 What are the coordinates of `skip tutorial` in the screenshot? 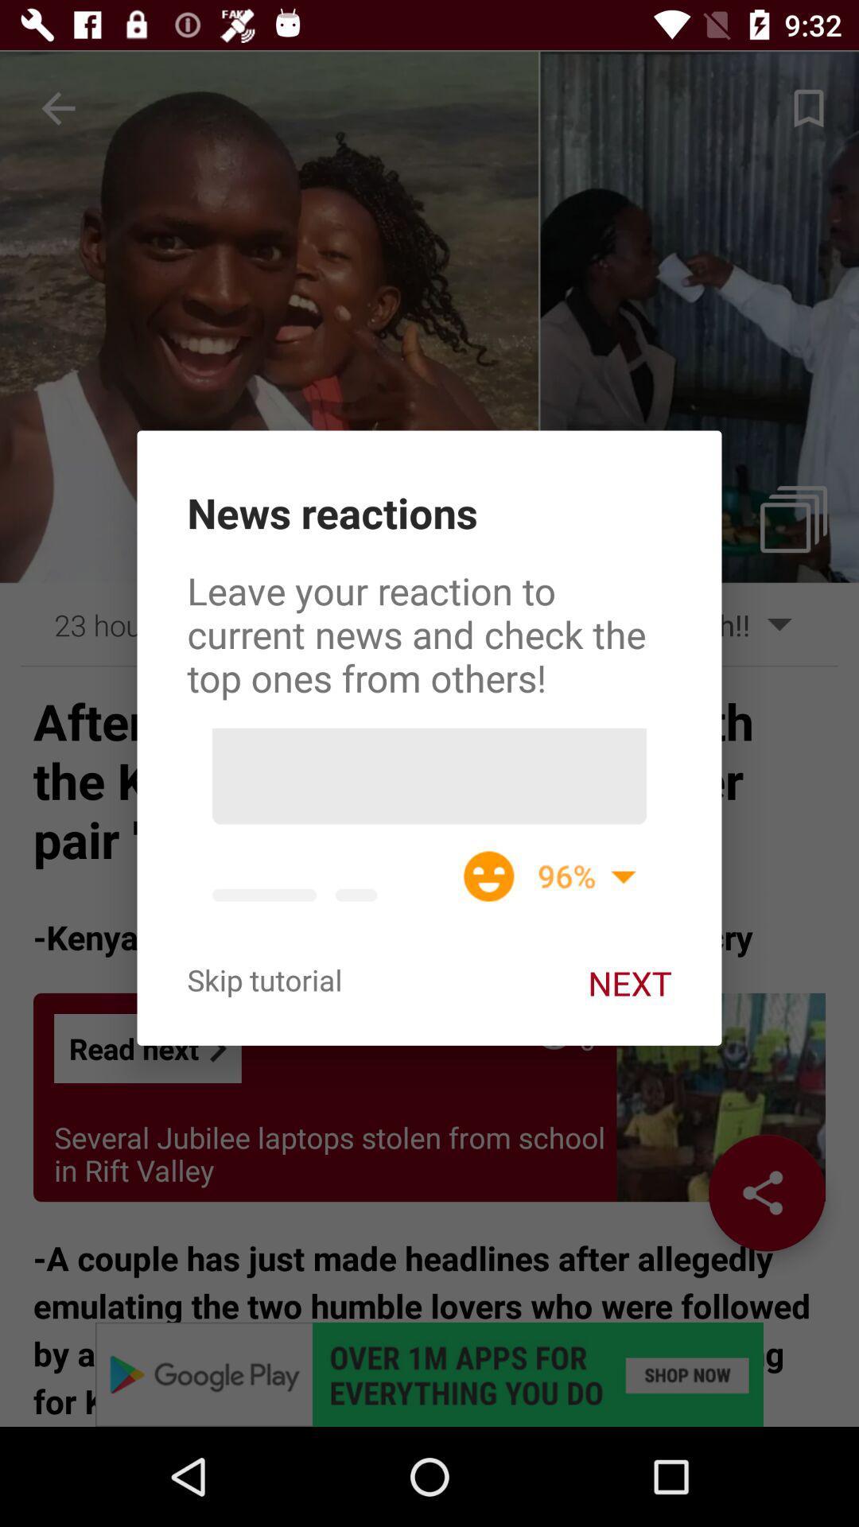 It's located at (263, 979).